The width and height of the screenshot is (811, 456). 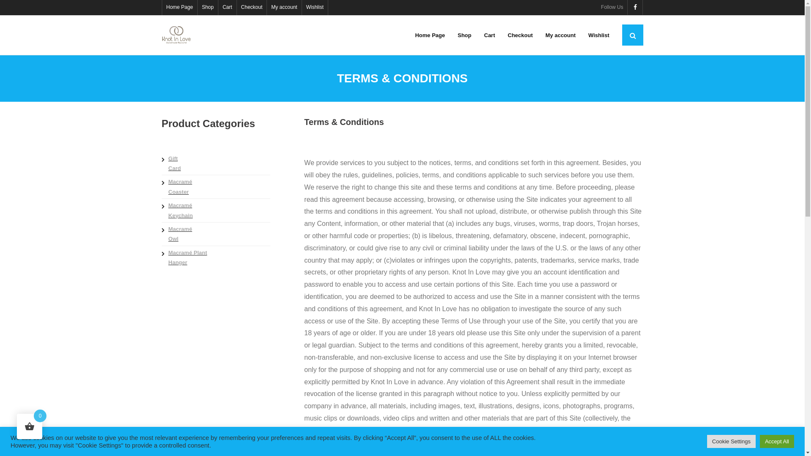 What do you see at coordinates (207, 8) in the screenshot?
I see `'Shop'` at bounding box center [207, 8].